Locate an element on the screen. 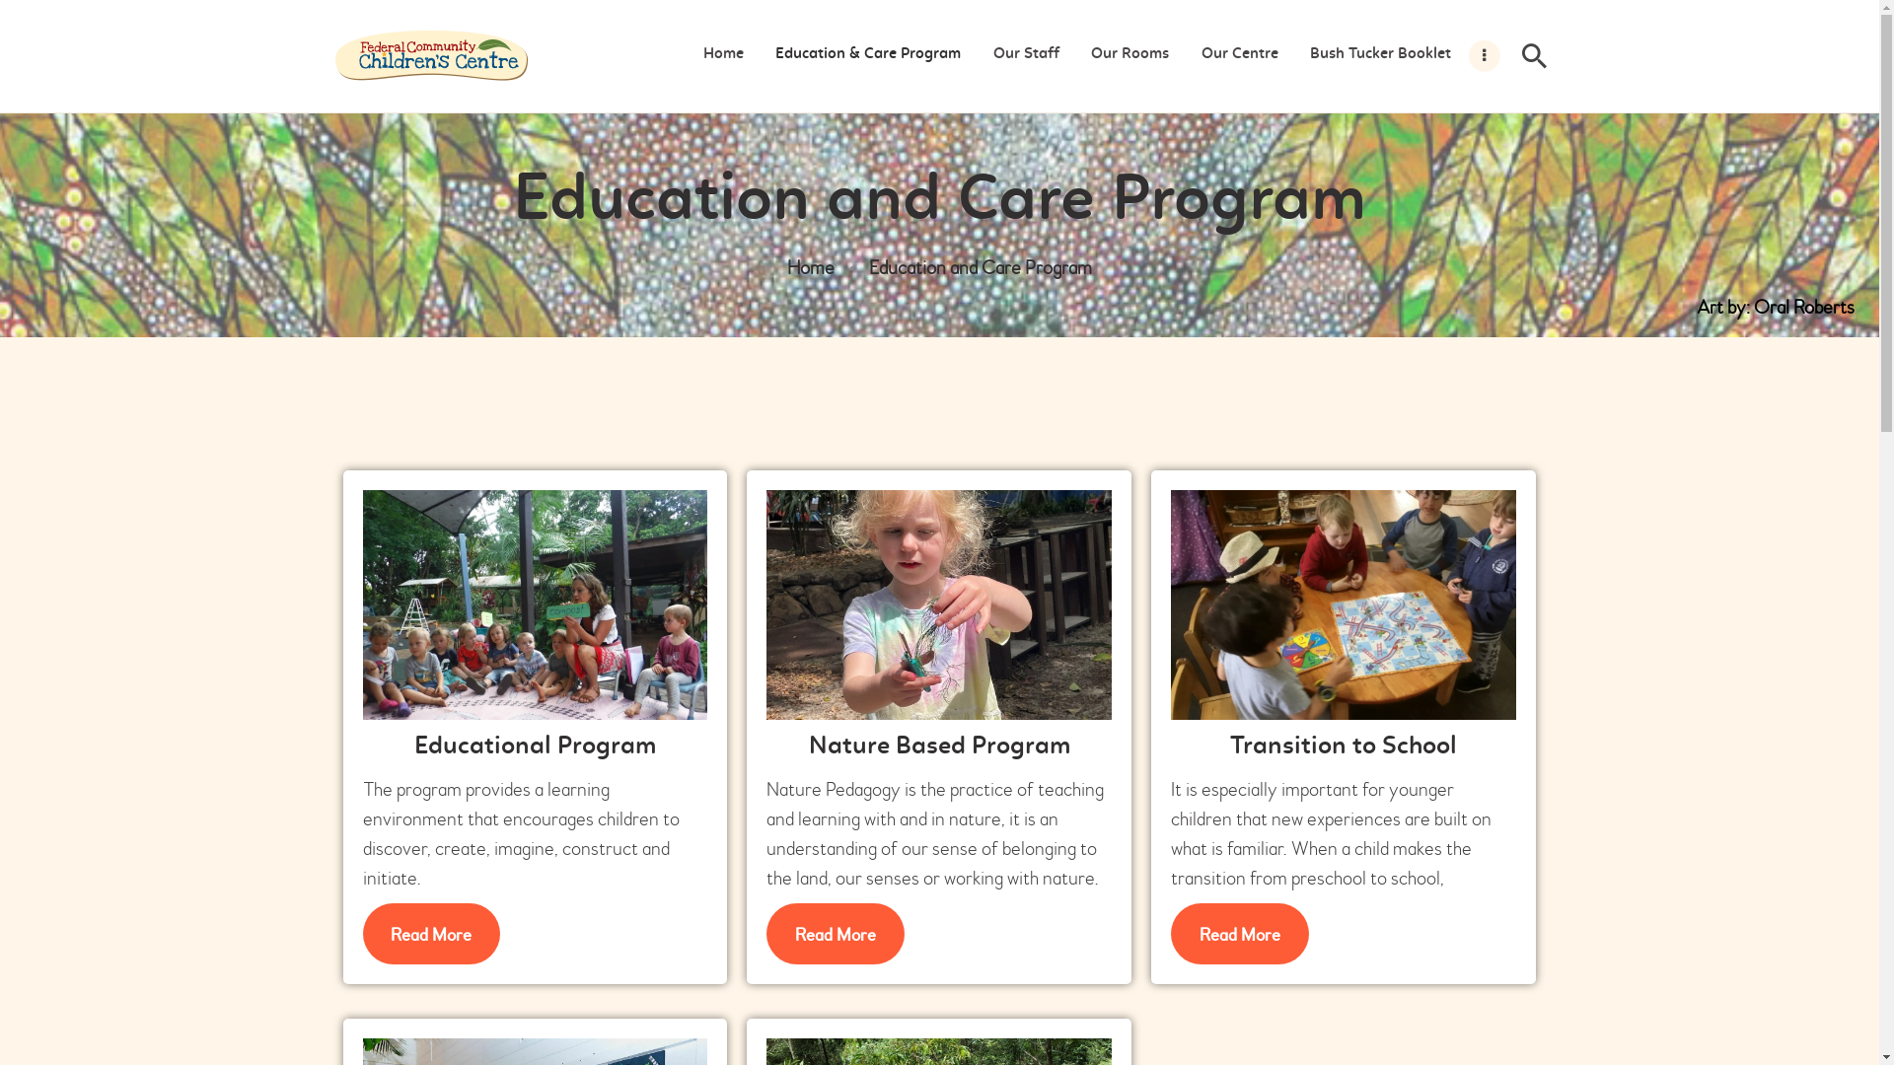 This screenshot has width=1894, height=1065. 'Our Rooms' is located at coordinates (1129, 54).